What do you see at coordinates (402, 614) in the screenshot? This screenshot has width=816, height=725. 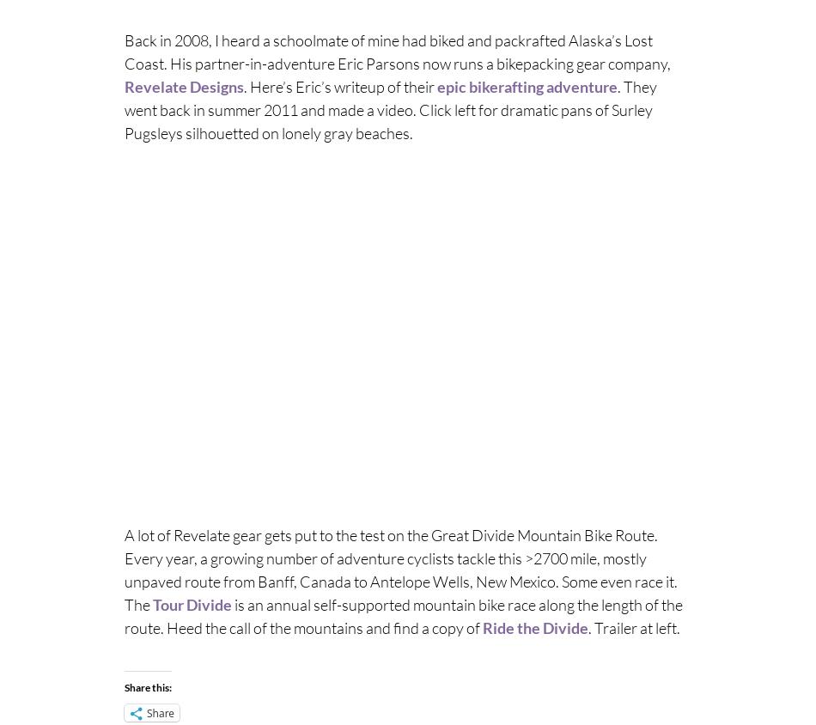 I see `'is an annual self-supported mountain bike race along the length of the route. Heed the call of the mountains and find a copy of'` at bounding box center [402, 614].